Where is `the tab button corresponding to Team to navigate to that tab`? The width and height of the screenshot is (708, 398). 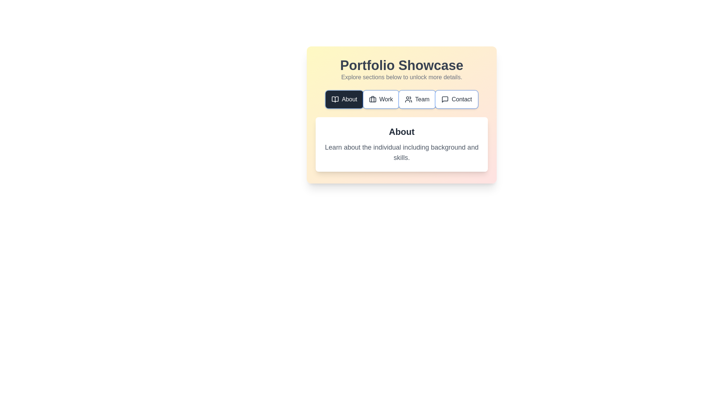 the tab button corresponding to Team to navigate to that tab is located at coordinates (417, 99).